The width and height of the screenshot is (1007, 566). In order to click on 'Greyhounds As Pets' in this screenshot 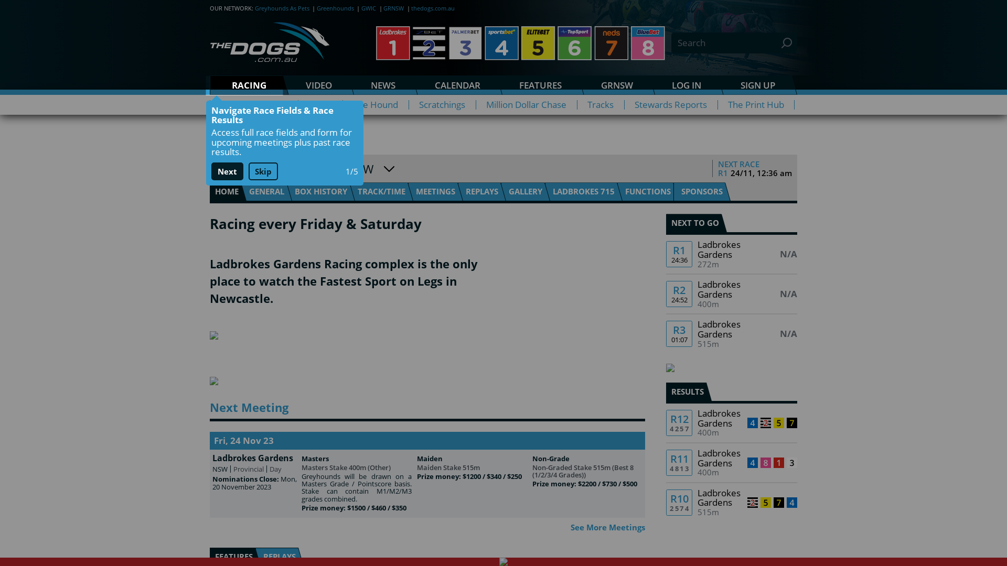, I will do `click(254, 8)`.